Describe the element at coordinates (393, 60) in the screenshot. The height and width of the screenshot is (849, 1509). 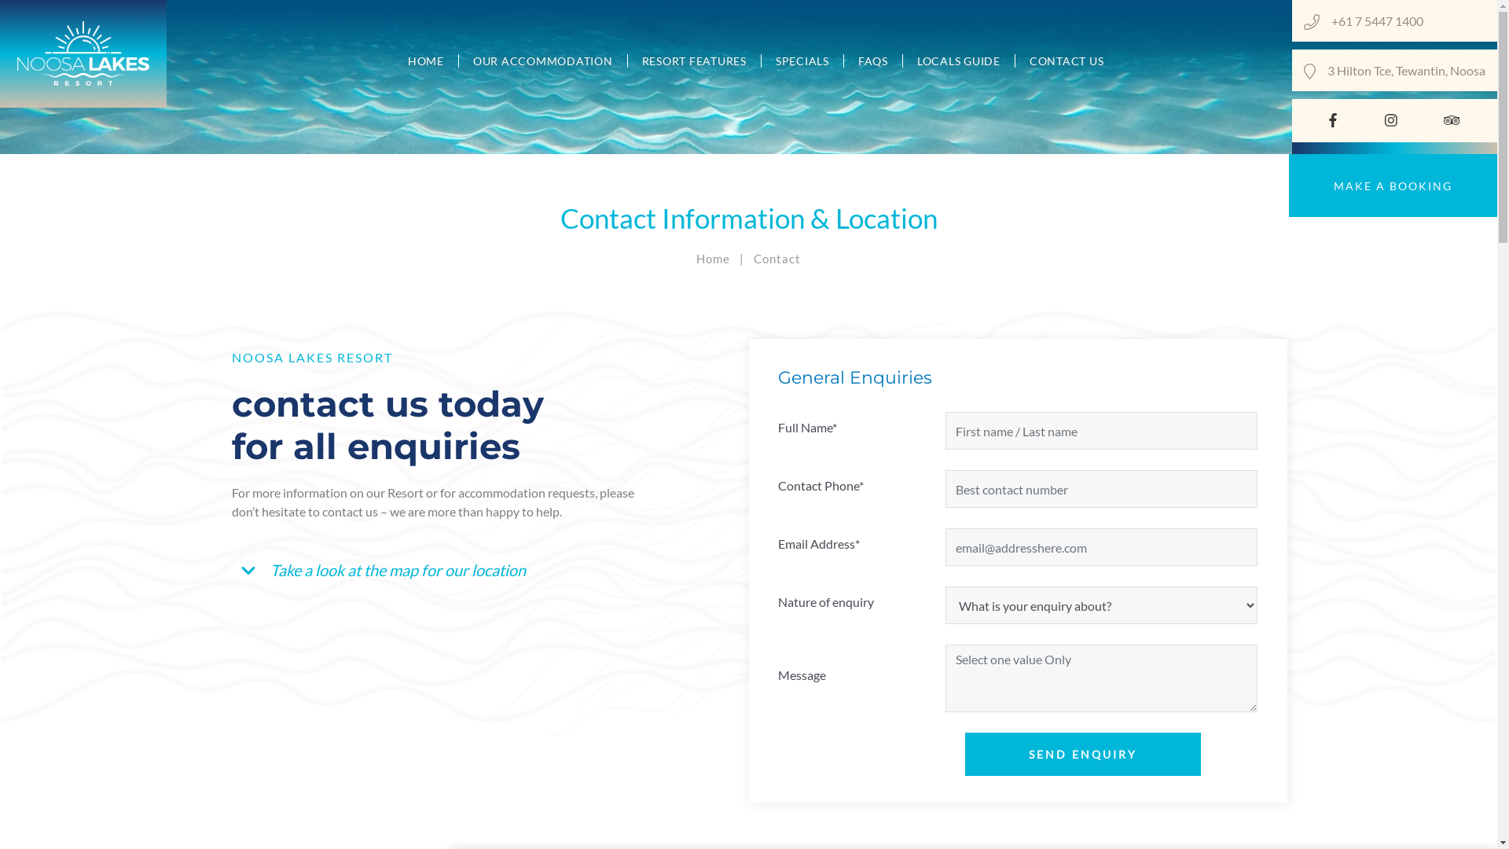
I see `'HOME'` at that location.